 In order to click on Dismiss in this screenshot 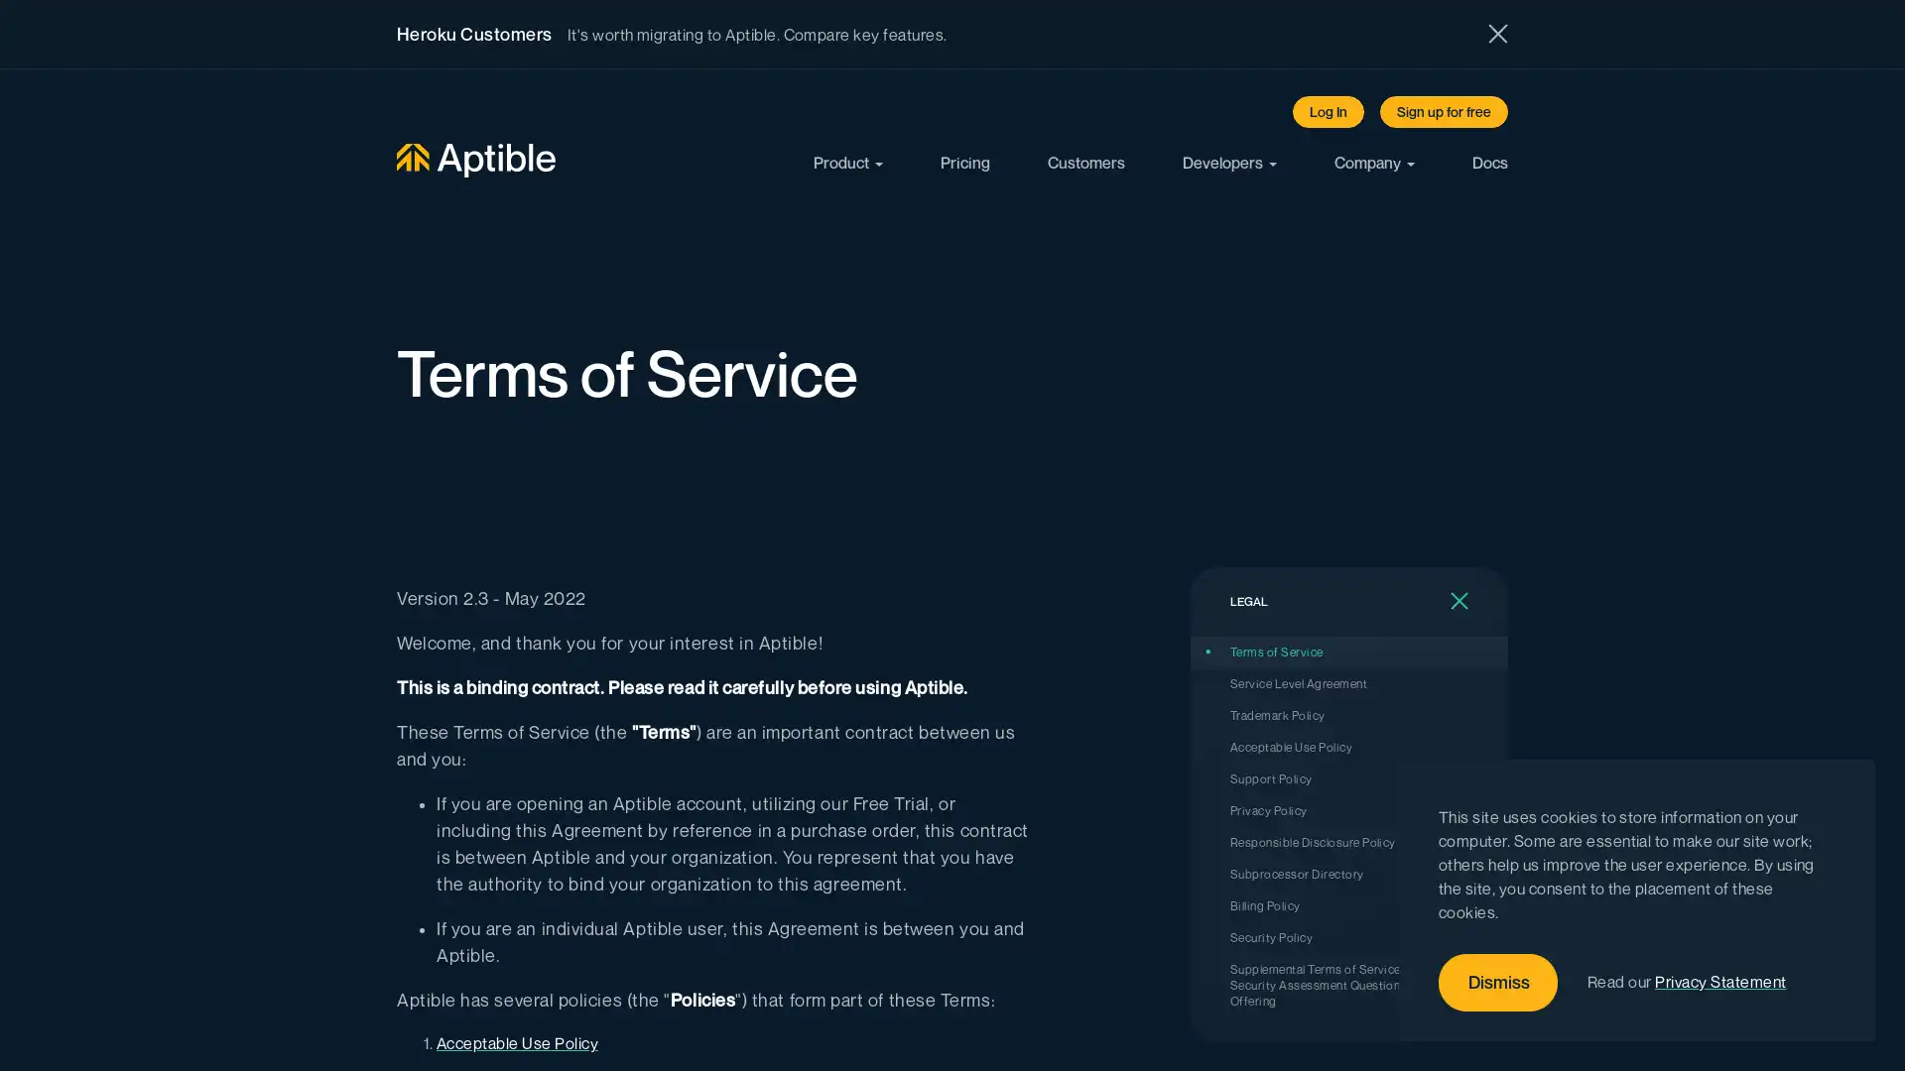, I will do `click(1498, 983)`.